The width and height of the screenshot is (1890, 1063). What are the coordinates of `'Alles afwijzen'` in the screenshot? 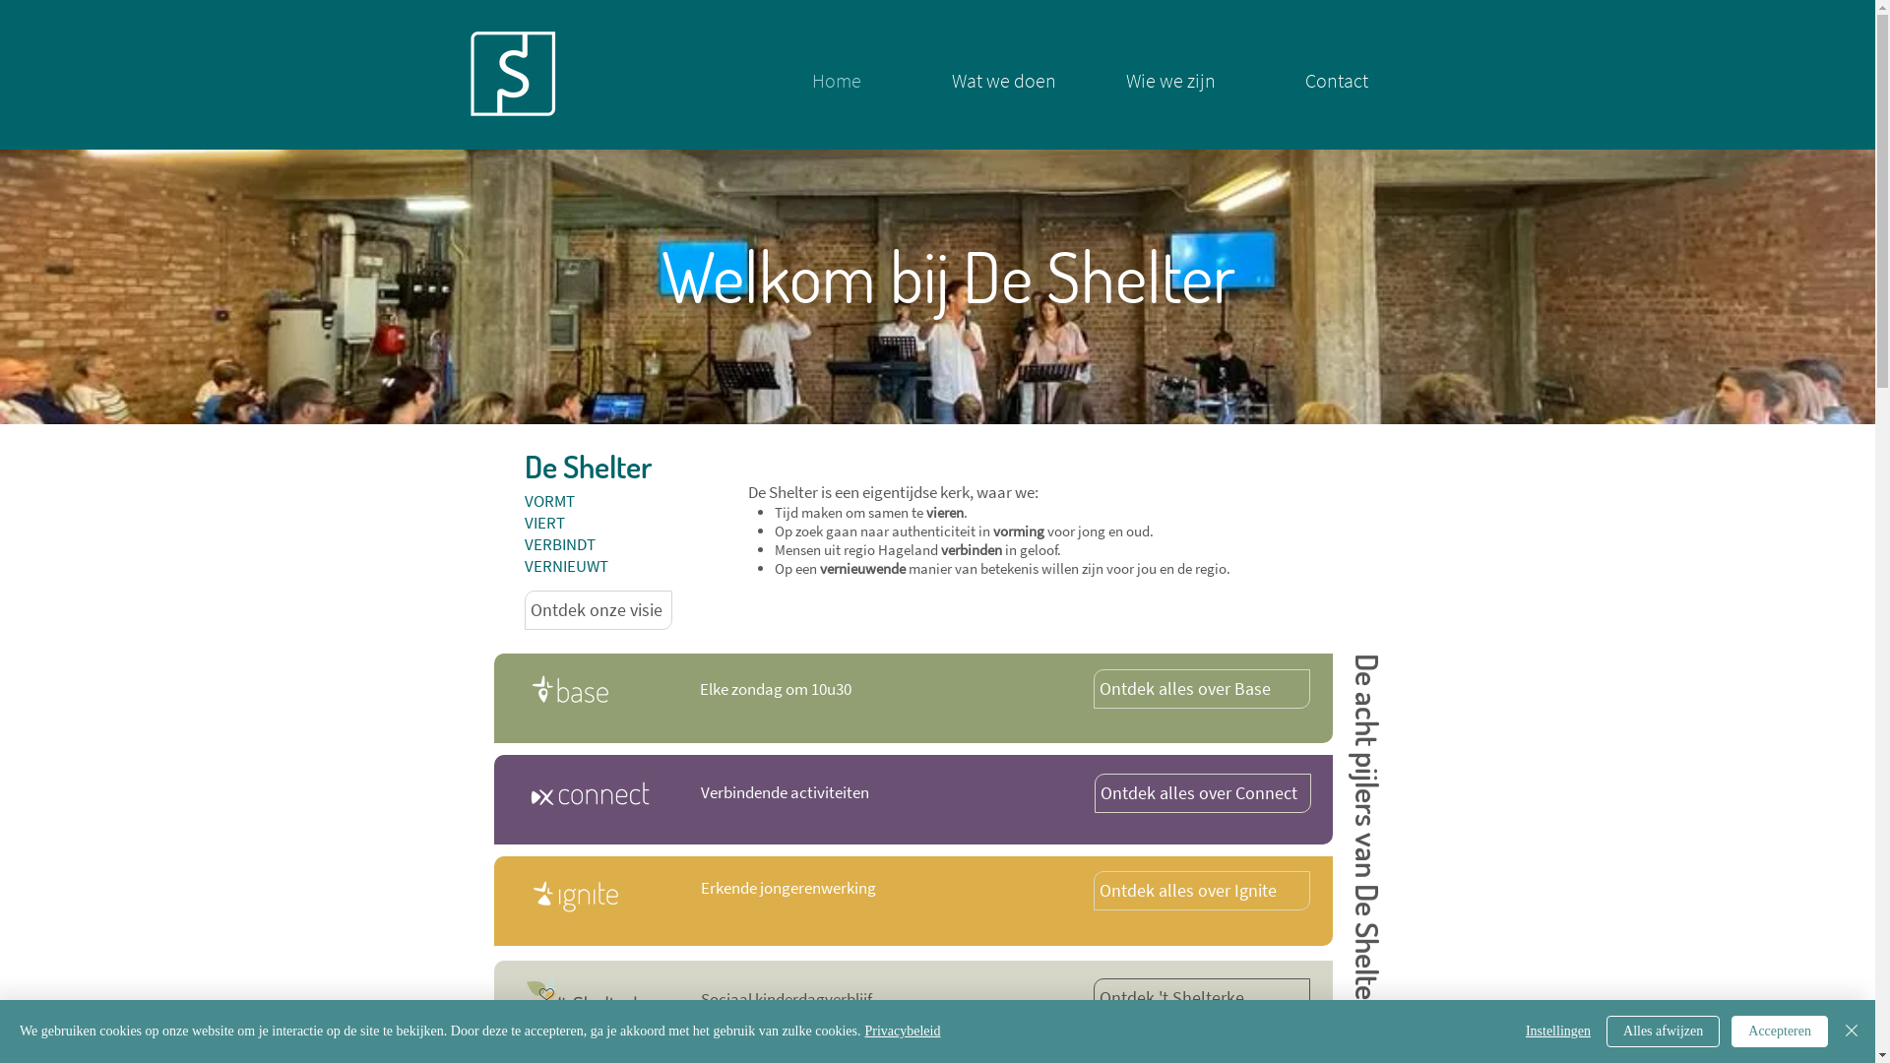 It's located at (1662, 1031).